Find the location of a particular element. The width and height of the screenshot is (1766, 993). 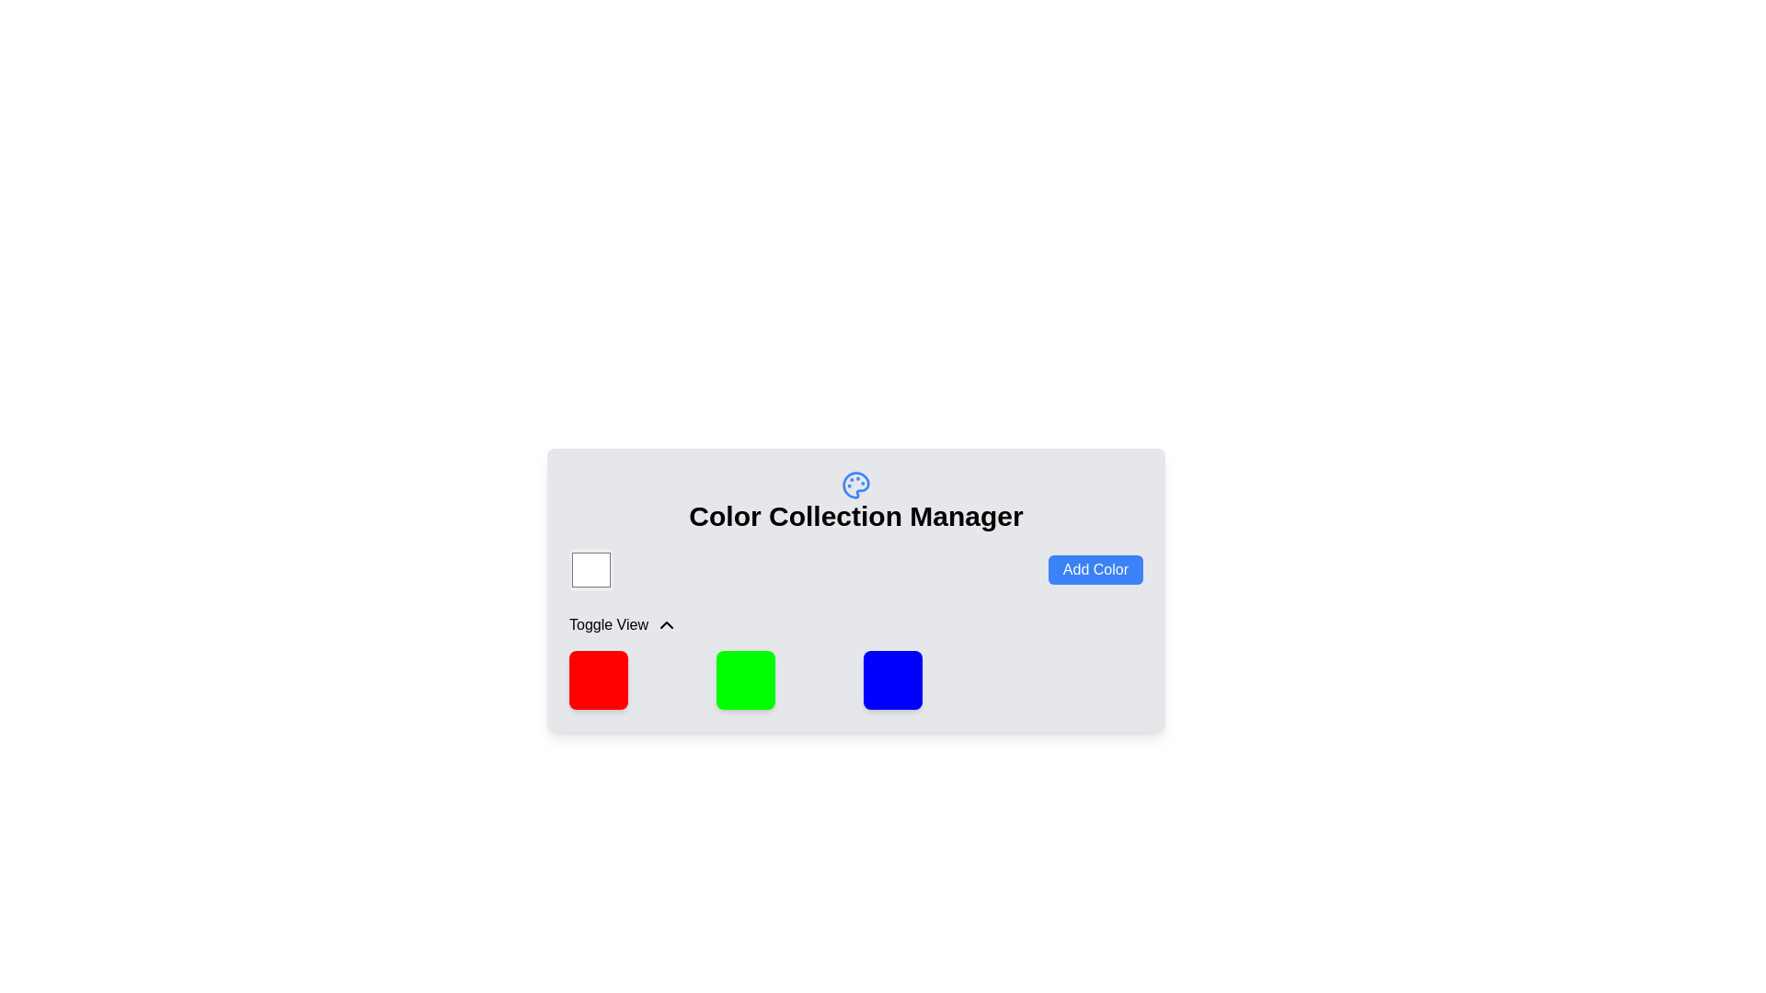

the upward-pointing arrow icon located immediately to the right of the 'Toggle View' text is located at coordinates (665, 623).